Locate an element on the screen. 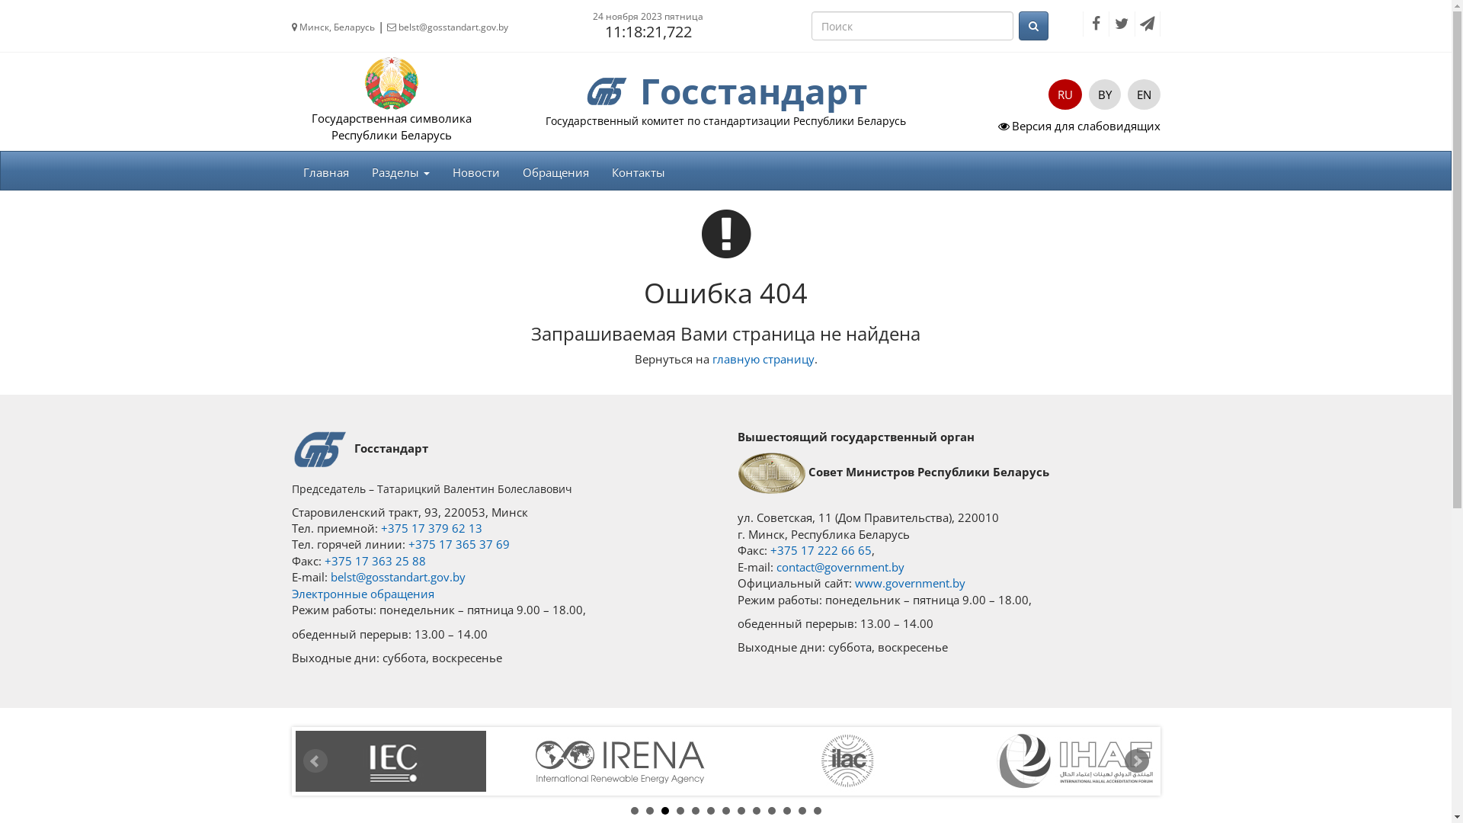  'Facebook' is located at coordinates (1081, 24).